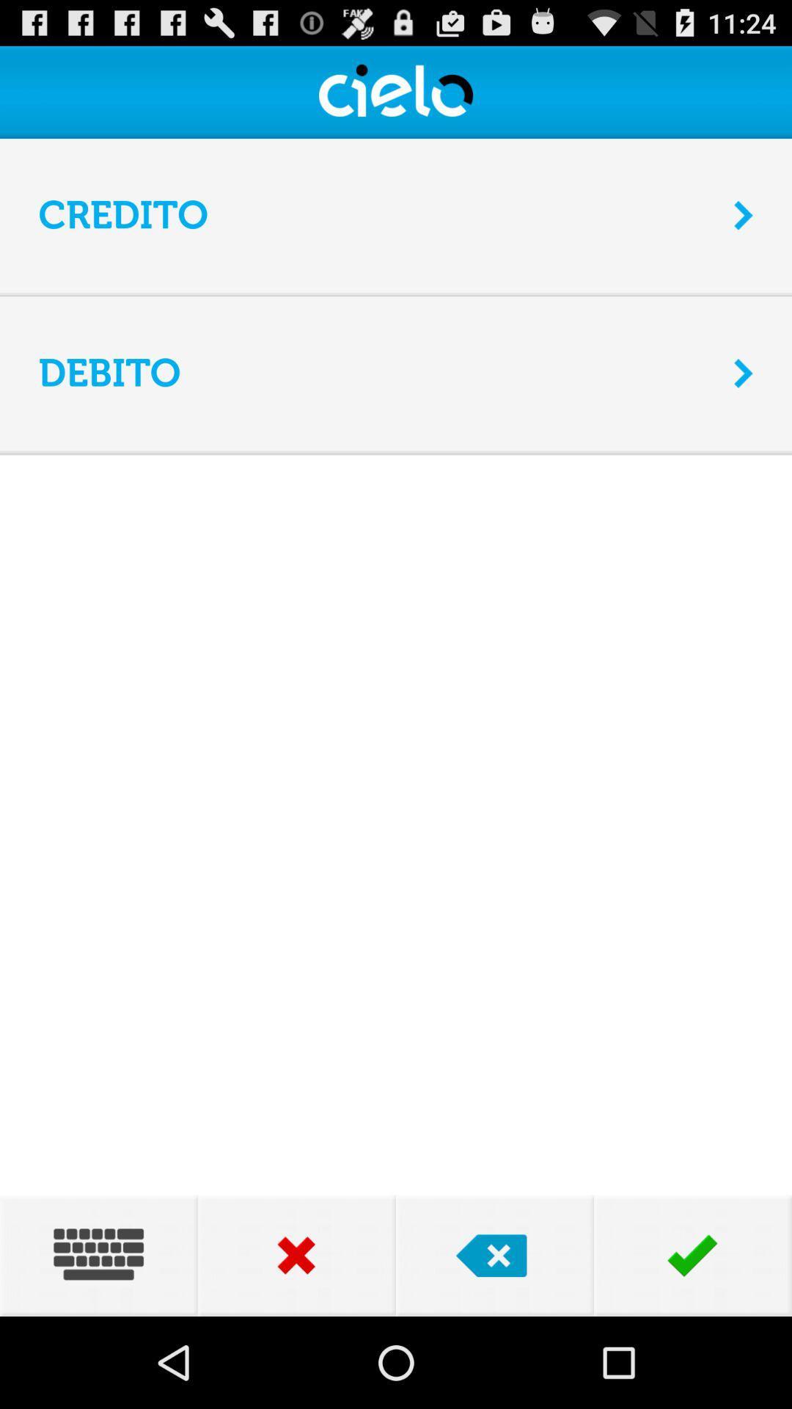 This screenshot has height=1409, width=792. I want to click on credito item, so click(375, 214).